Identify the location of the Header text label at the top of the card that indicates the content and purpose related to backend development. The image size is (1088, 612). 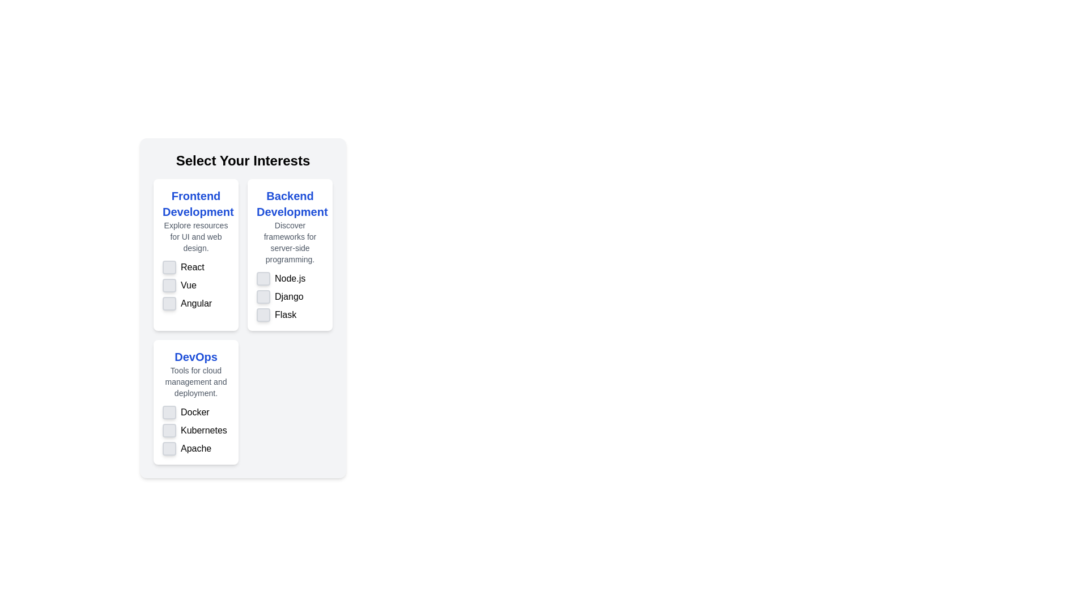
(290, 203).